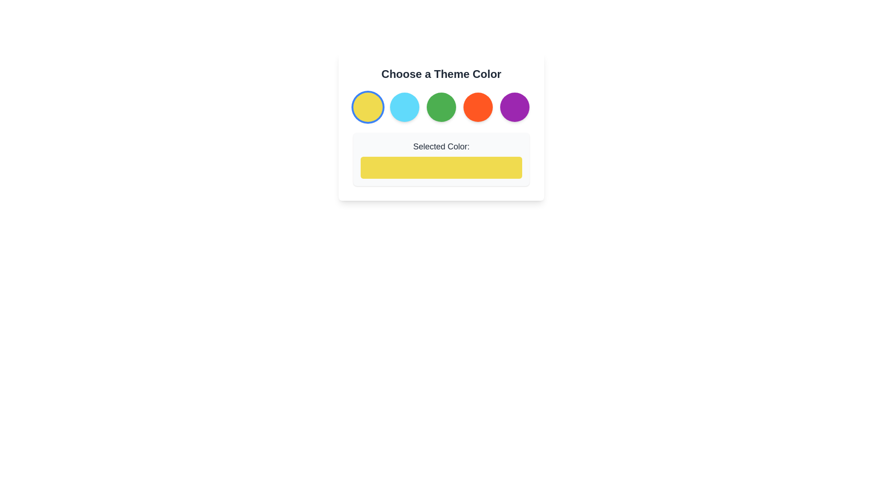  What do you see at coordinates (404, 107) in the screenshot?
I see `the second rounded button with a light blue background` at bounding box center [404, 107].